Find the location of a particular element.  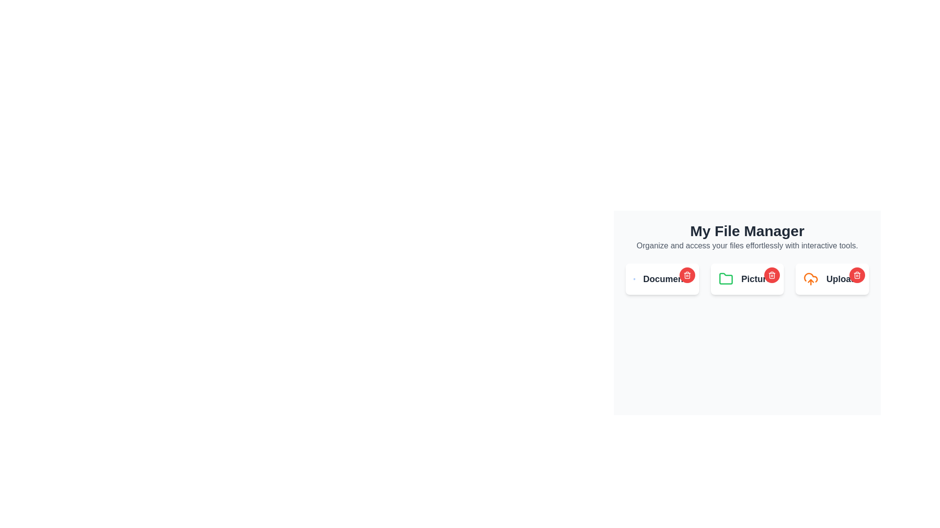

the trash bin icon button with a red background and white foreground, located at the top right corner of the 'Picture' label in the file manager interface is located at coordinates (772, 275).